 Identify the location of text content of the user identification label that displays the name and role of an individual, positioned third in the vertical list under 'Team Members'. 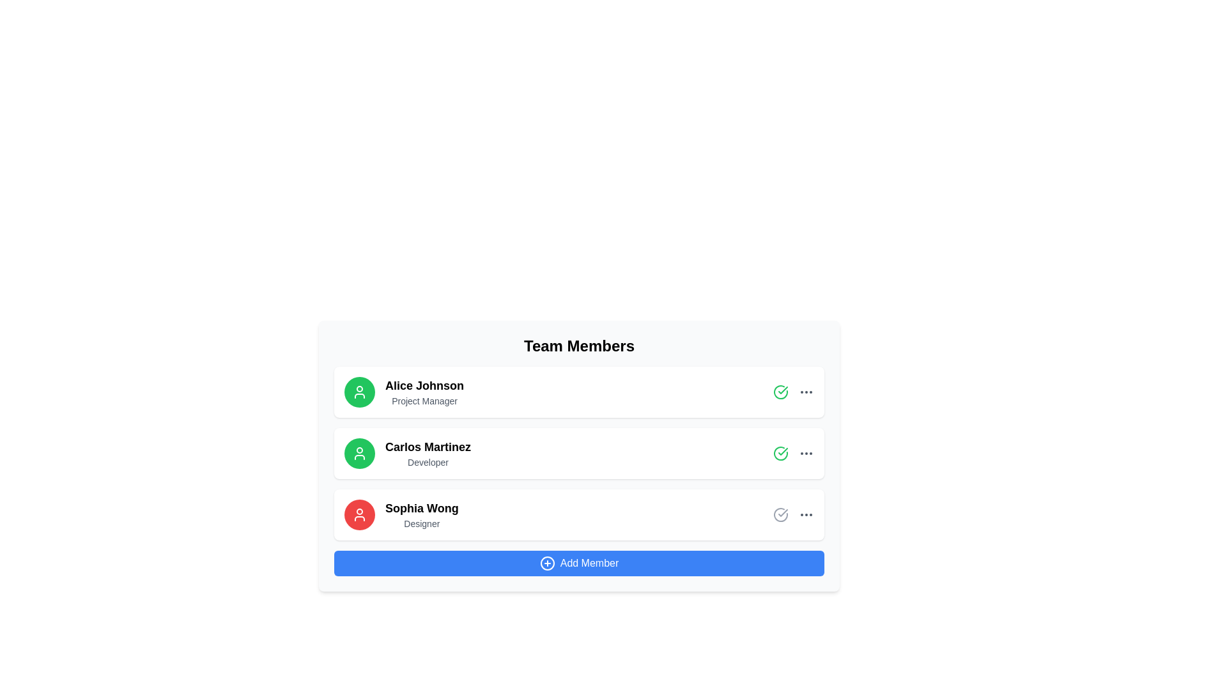
(422, 514).